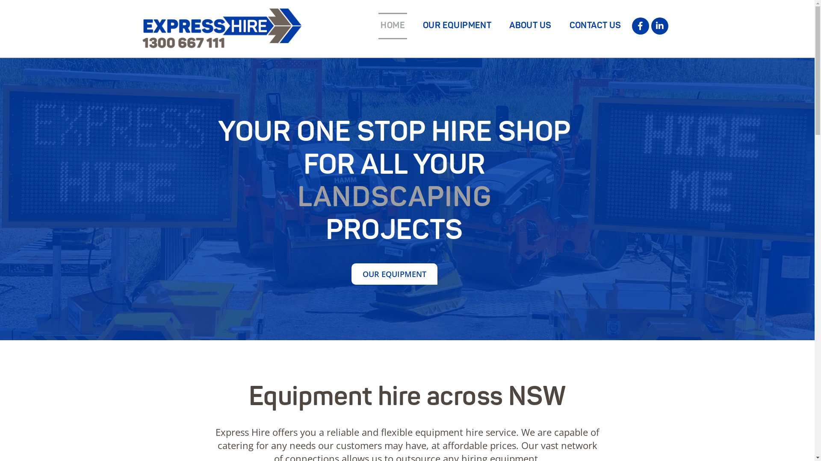 The image size is (821, 461). What do you see at coordinates (457, 26) in the screenshot?
I see `'OUR EQUIPMENT'` at bounding box center [457, 26].